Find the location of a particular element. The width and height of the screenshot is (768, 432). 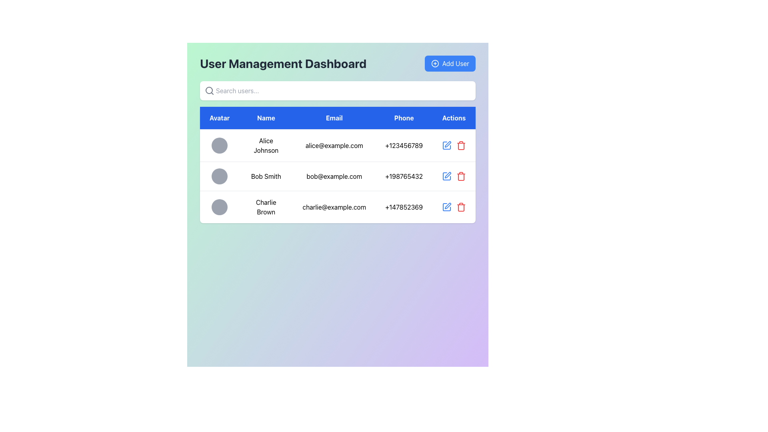

the search icon located at the top-left corner of the search input bar is located at coordinates (209, 90).